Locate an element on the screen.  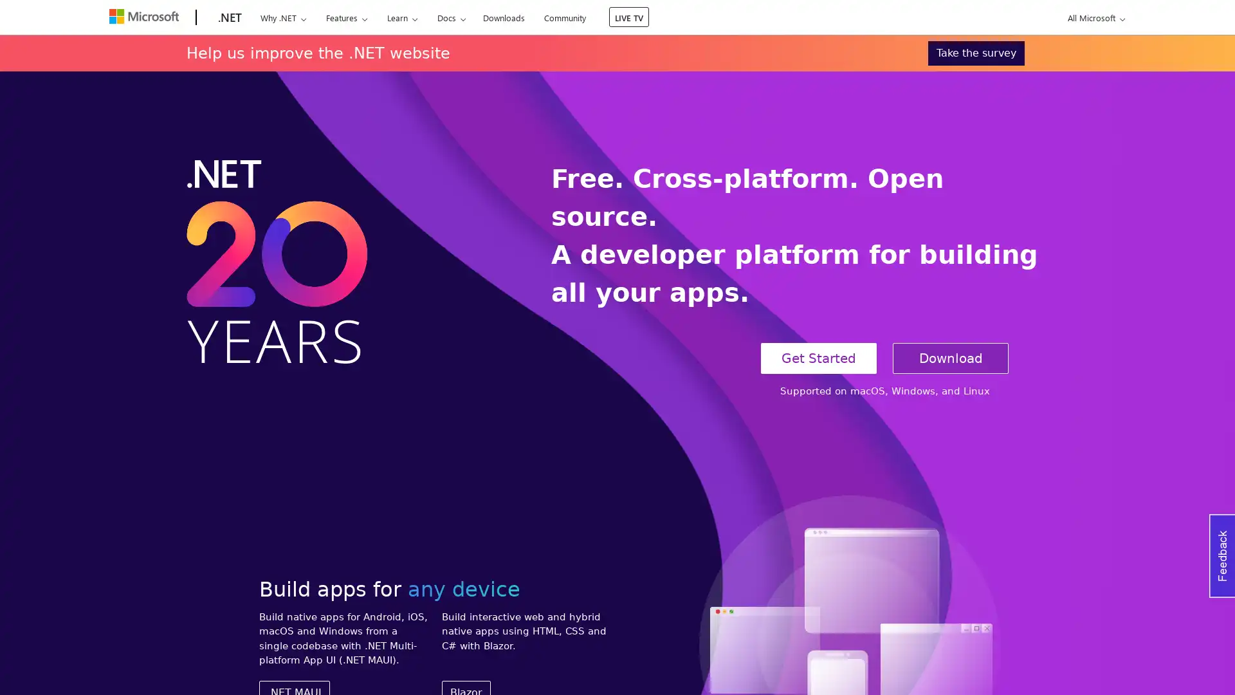
All Microsoft expand to see list of Microsoft products and services is located at coordinates (1093, 17).